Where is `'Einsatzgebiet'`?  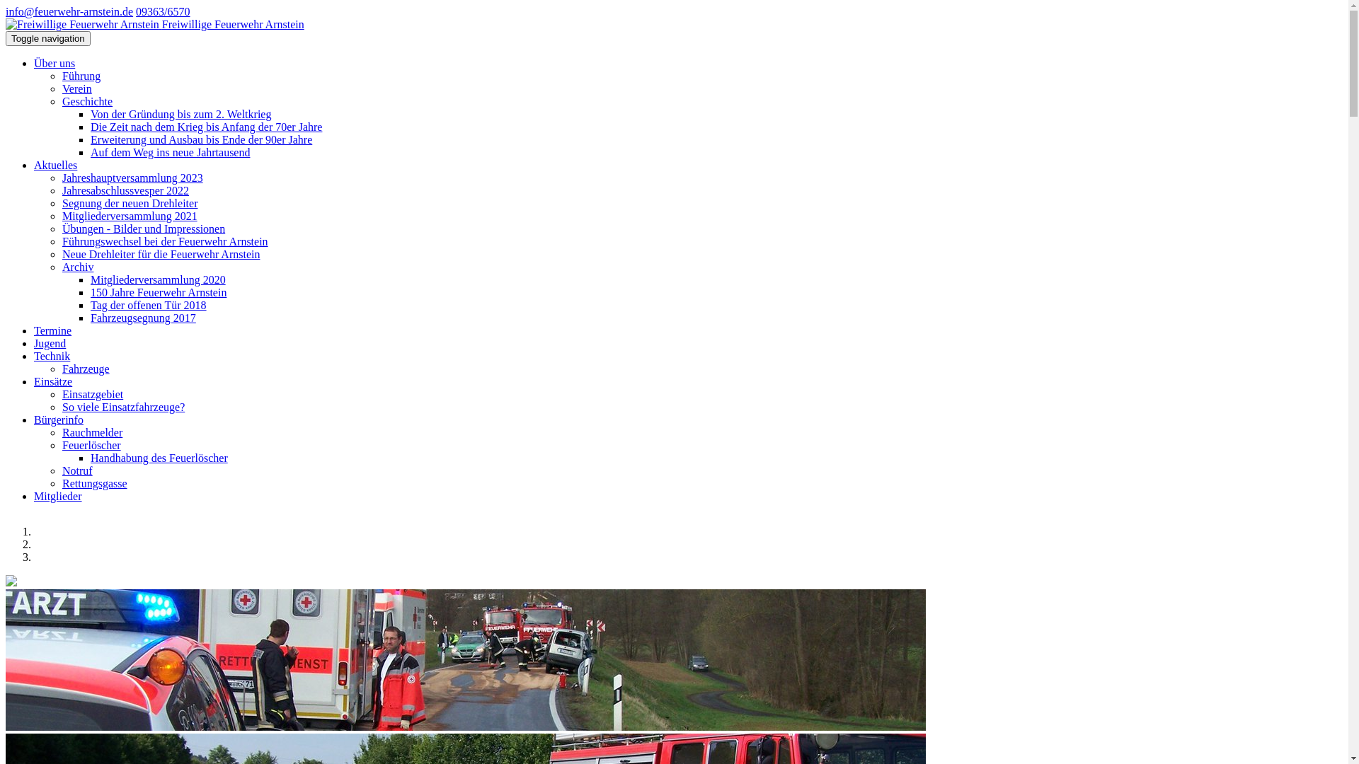 'Einsatzgebiet' is located at coordinates (91, 394).